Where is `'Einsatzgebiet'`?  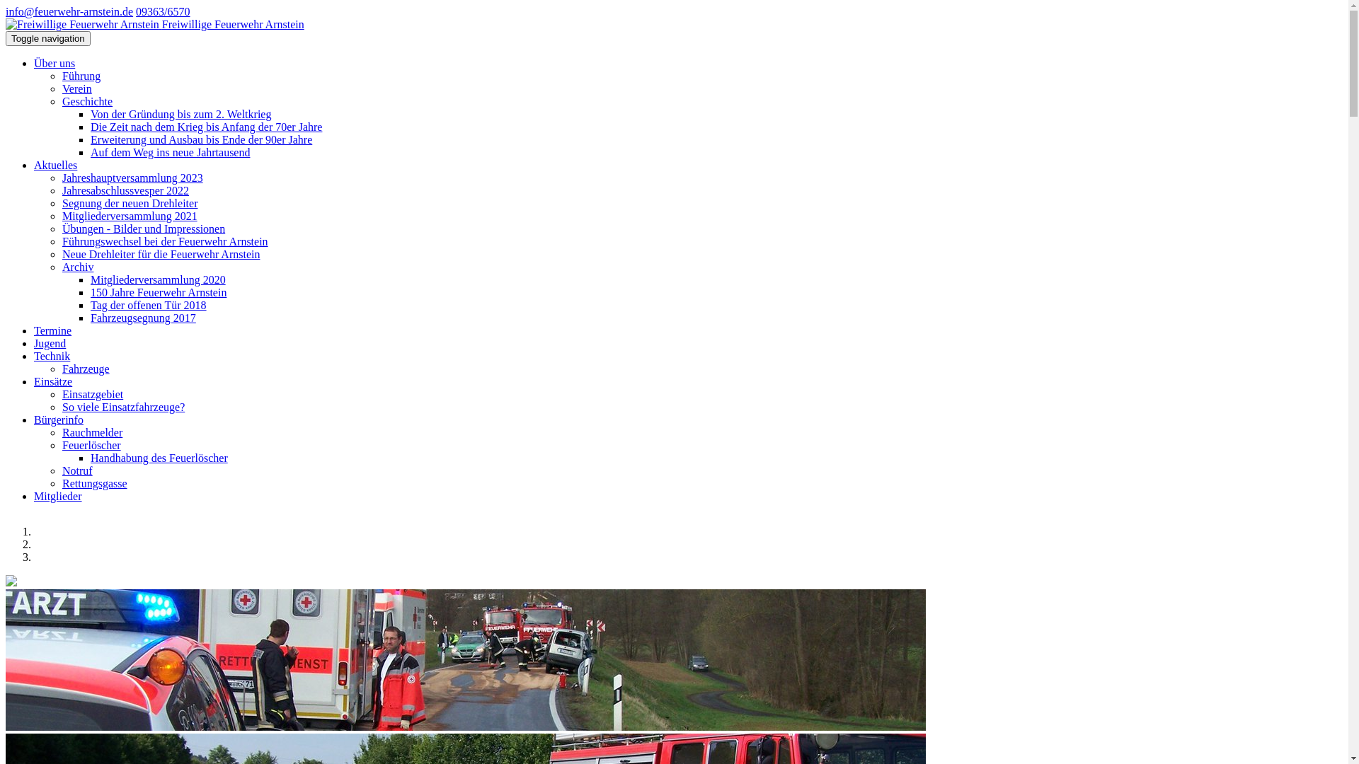 'Einsatzgebiet' is located at coordinates (91, 394).